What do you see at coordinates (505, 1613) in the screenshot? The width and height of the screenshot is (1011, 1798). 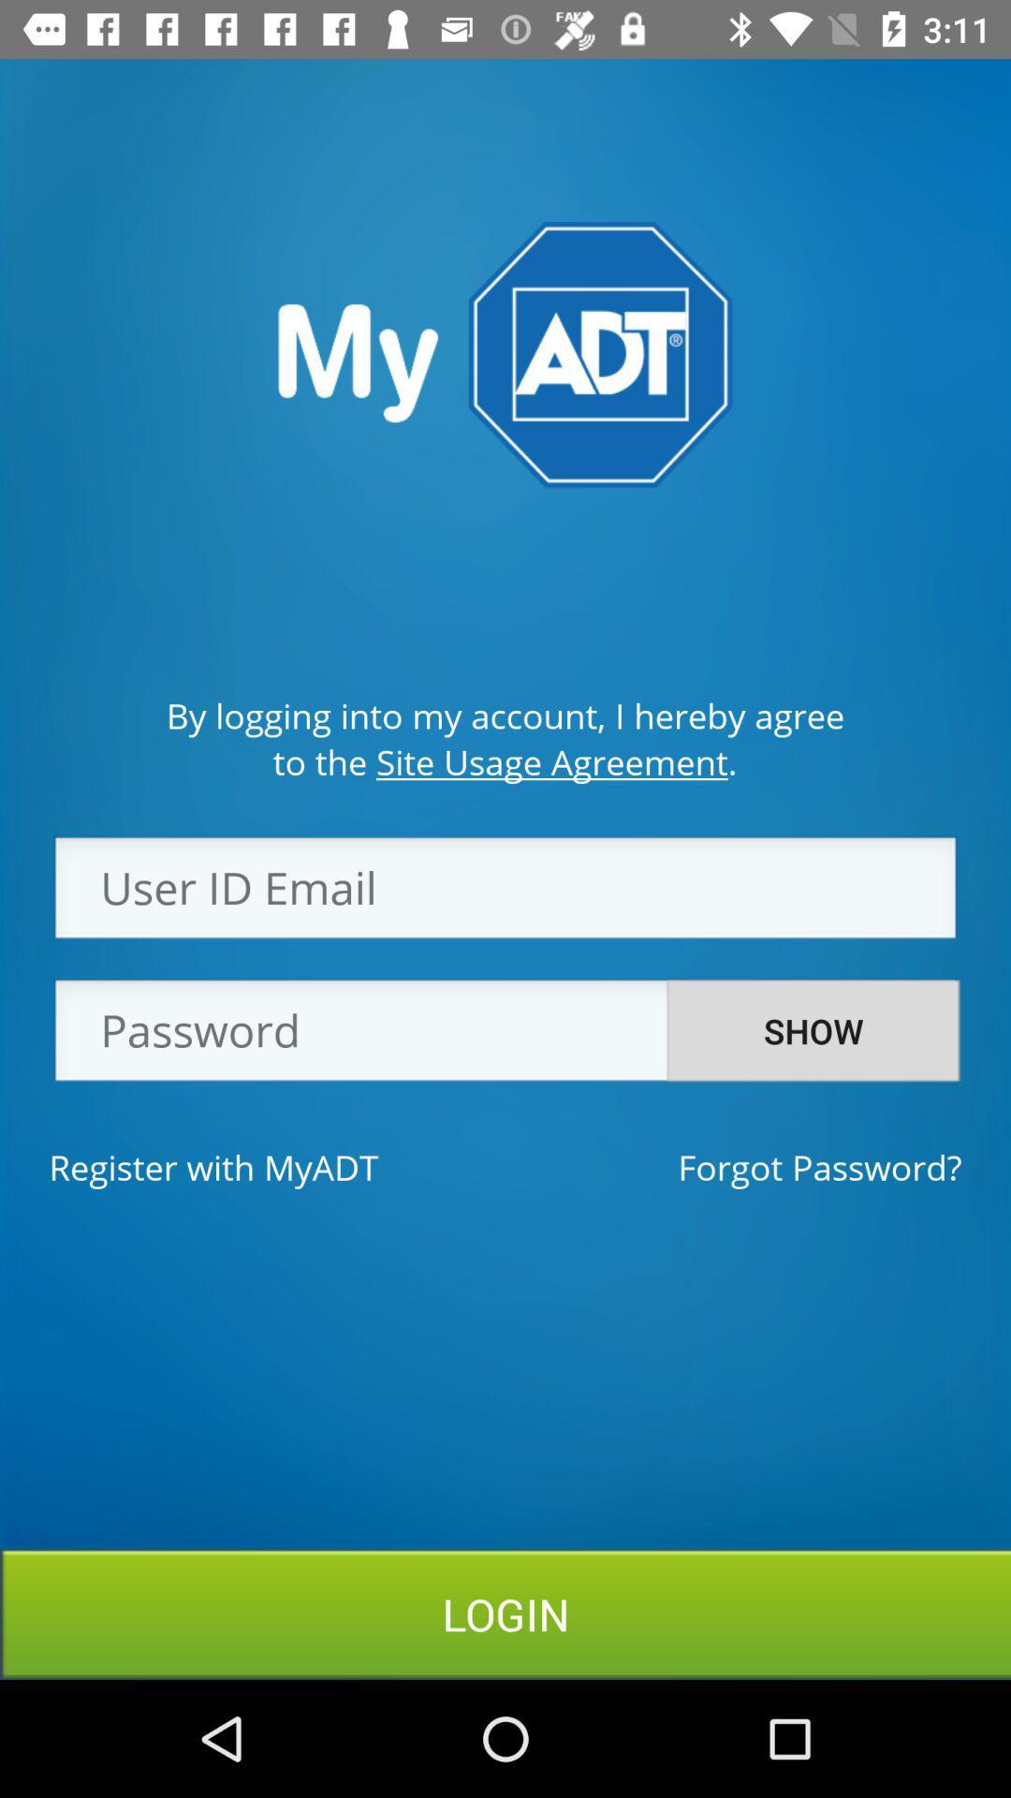 I see `the item below the register with myadt item` at bounding box center [505, 1613].